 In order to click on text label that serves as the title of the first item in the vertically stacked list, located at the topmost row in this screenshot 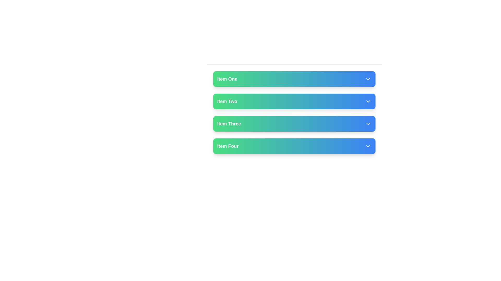, I will do `click(227, 79)`.